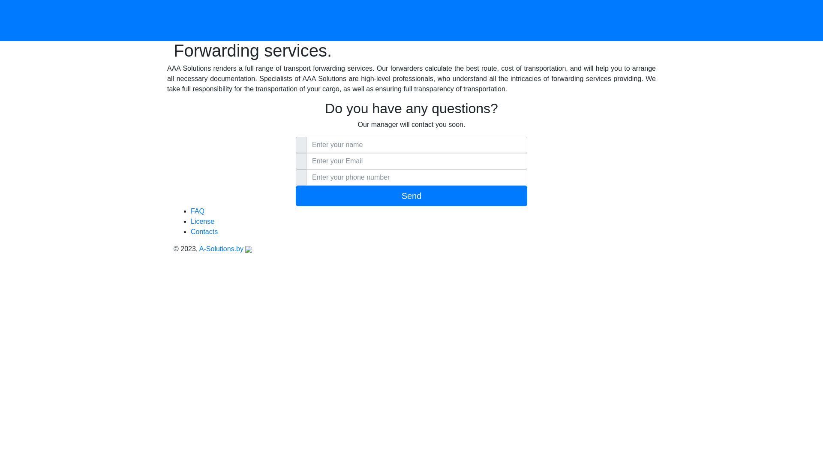 This screenshot has height=463, width=823. I want to click on 'Send', so click(411, 195).